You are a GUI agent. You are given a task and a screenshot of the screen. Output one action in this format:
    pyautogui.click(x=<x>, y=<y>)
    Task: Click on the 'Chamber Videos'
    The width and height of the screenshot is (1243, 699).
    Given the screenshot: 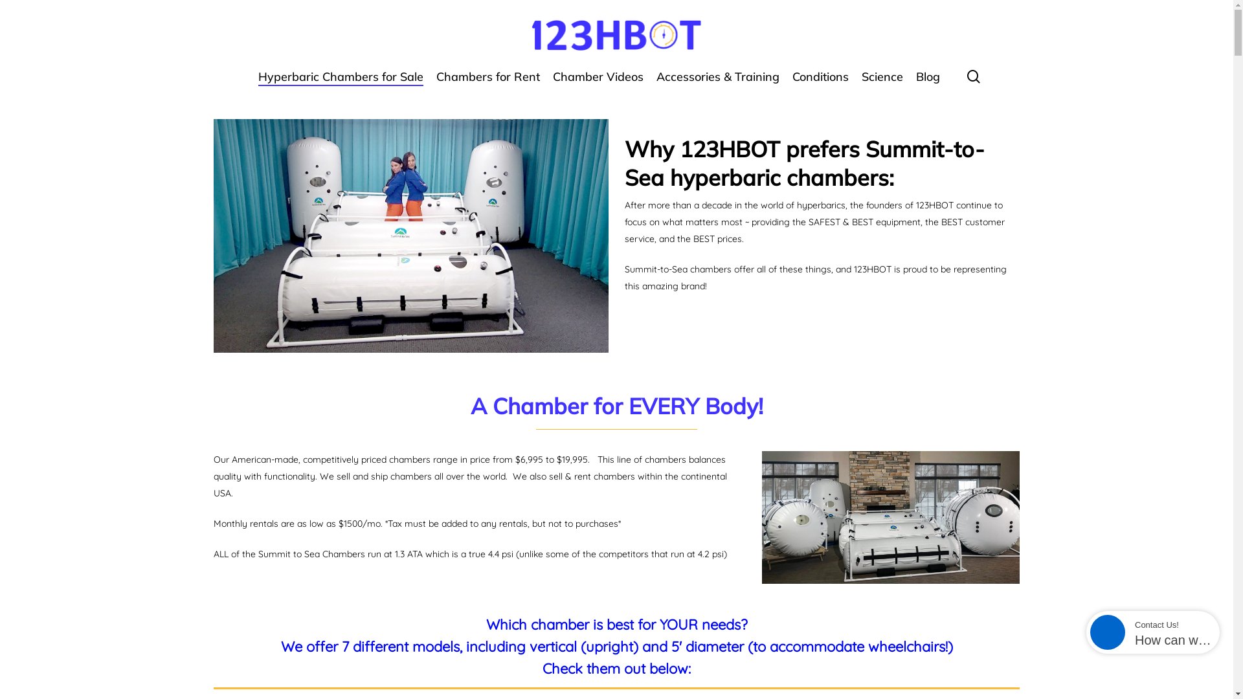 What is the action you would take?
    pyautogui.click(x=597, y=83)
    